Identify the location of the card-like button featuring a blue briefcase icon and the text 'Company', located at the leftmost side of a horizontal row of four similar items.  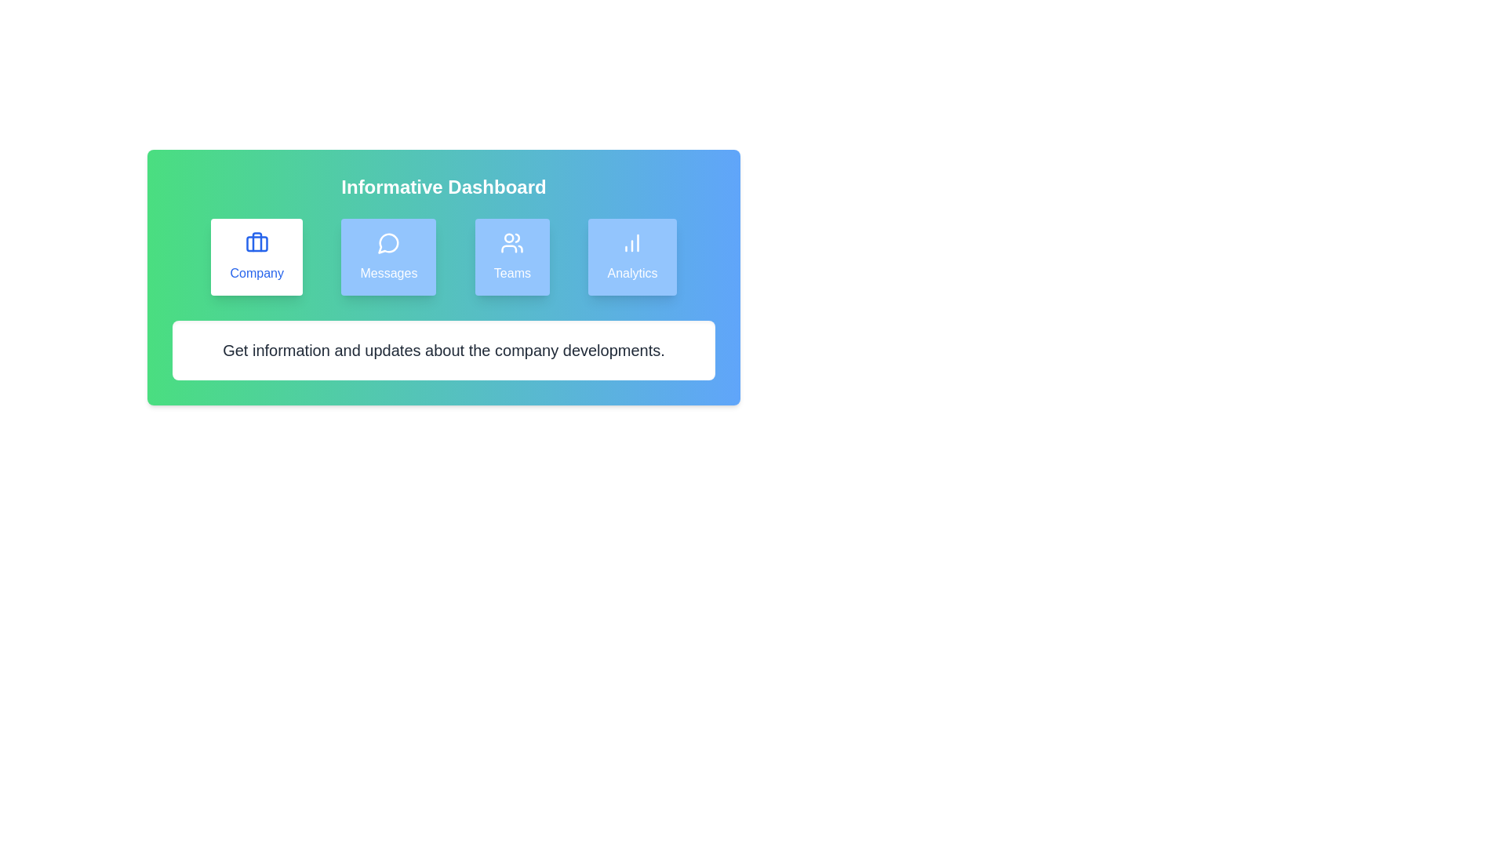
(256, 256).